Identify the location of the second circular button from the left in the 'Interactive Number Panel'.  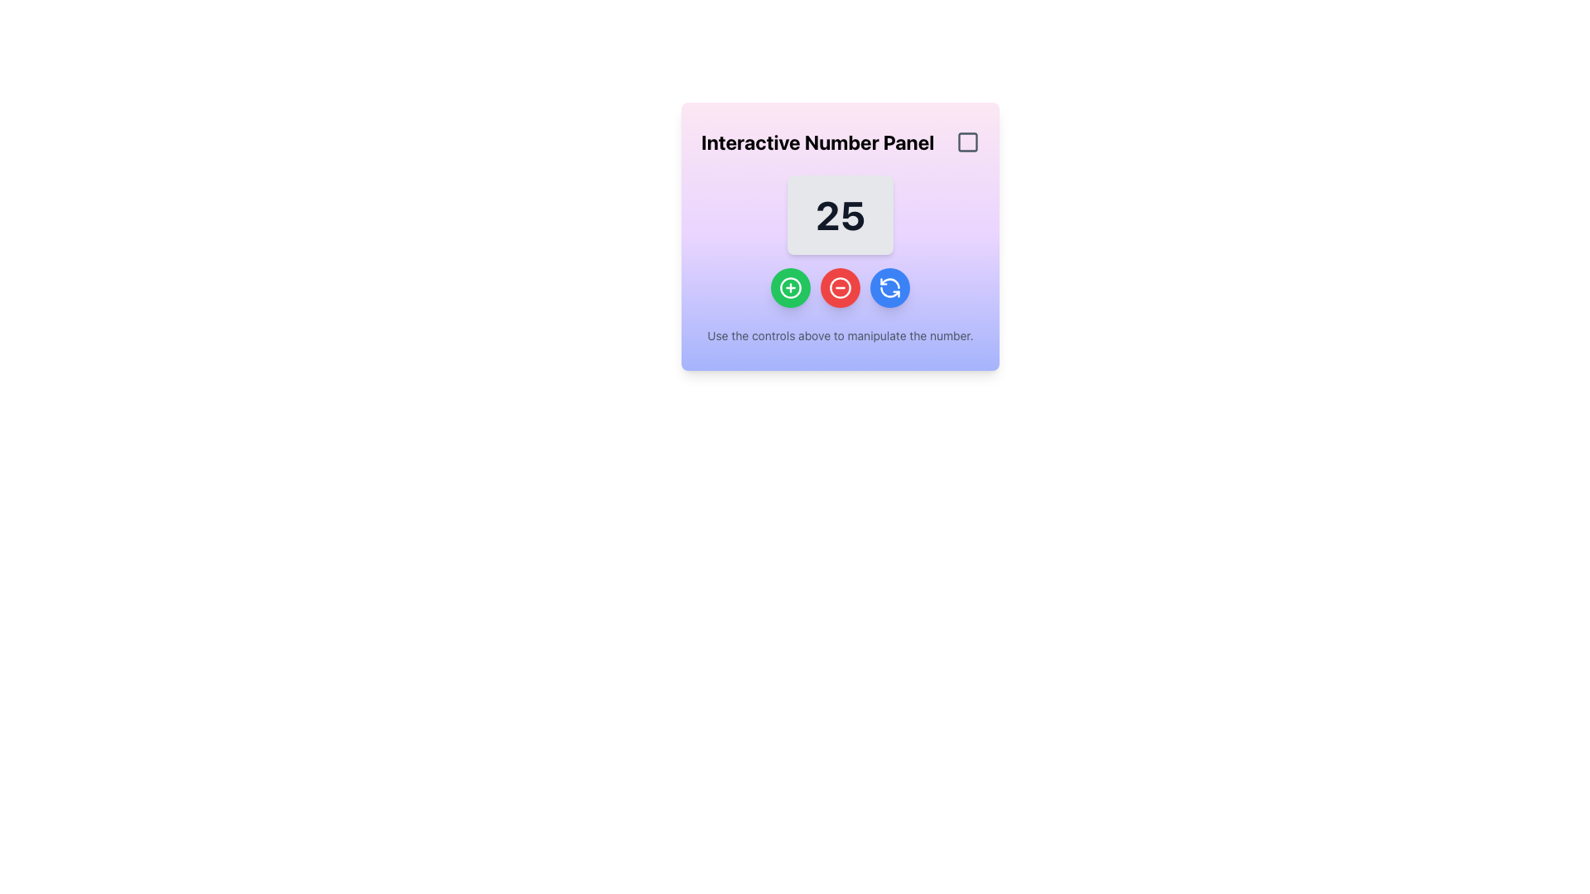
(840, 286).